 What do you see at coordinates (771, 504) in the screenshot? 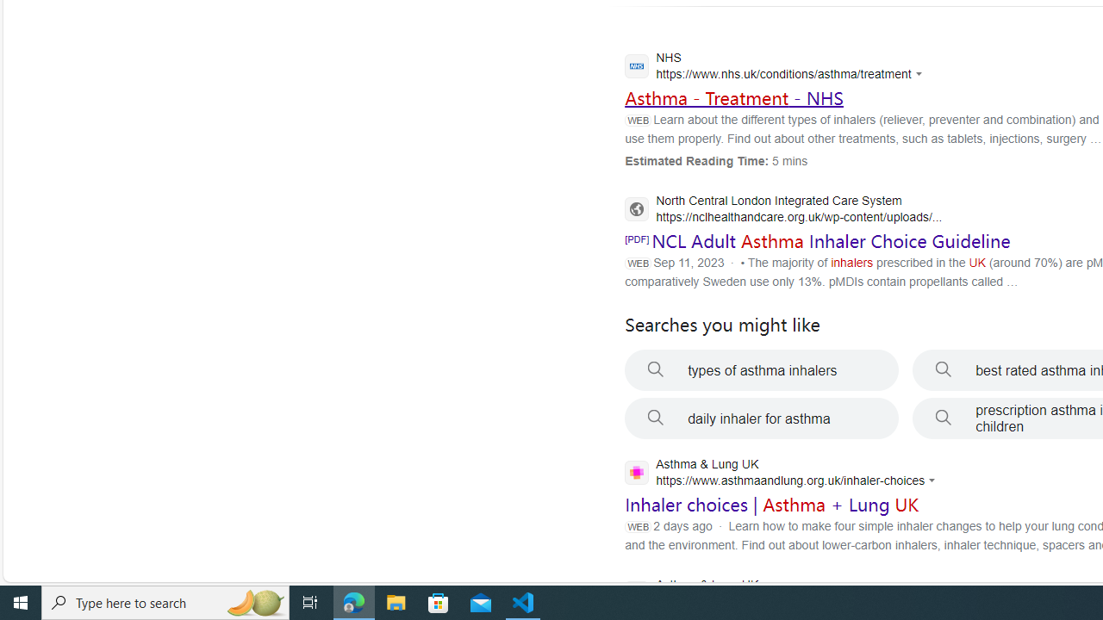
I see `'Inhaler choices | Asthma + Lung UK'` at bounding box center [771, 504].